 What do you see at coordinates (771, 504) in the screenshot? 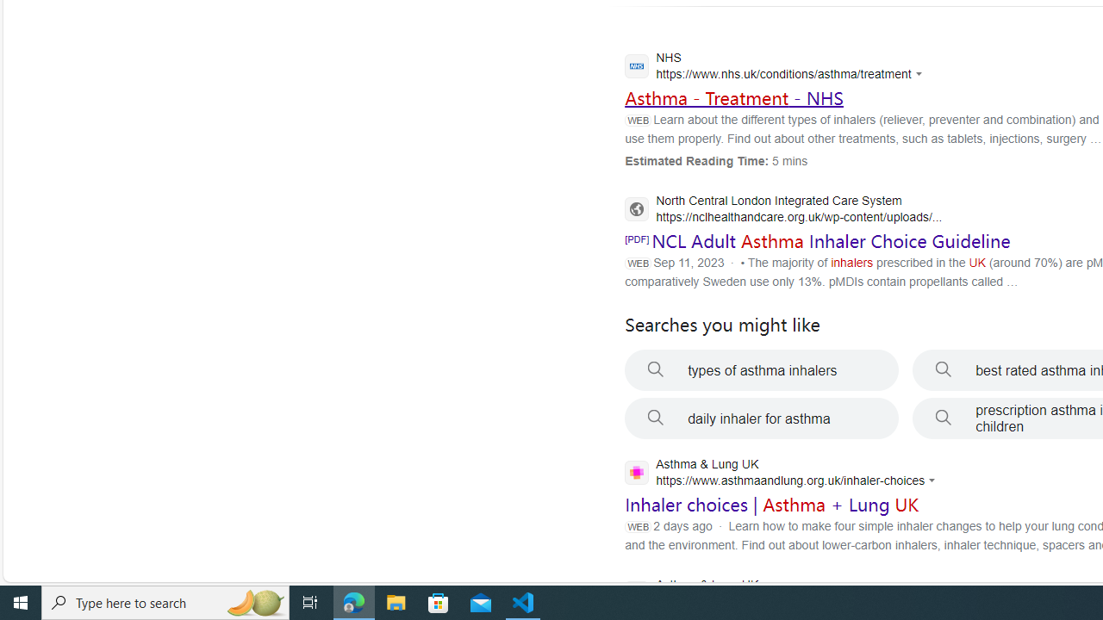
I see `'Inhaler choices | Asthma + Lung UK'` at bounding box center [771, 504].